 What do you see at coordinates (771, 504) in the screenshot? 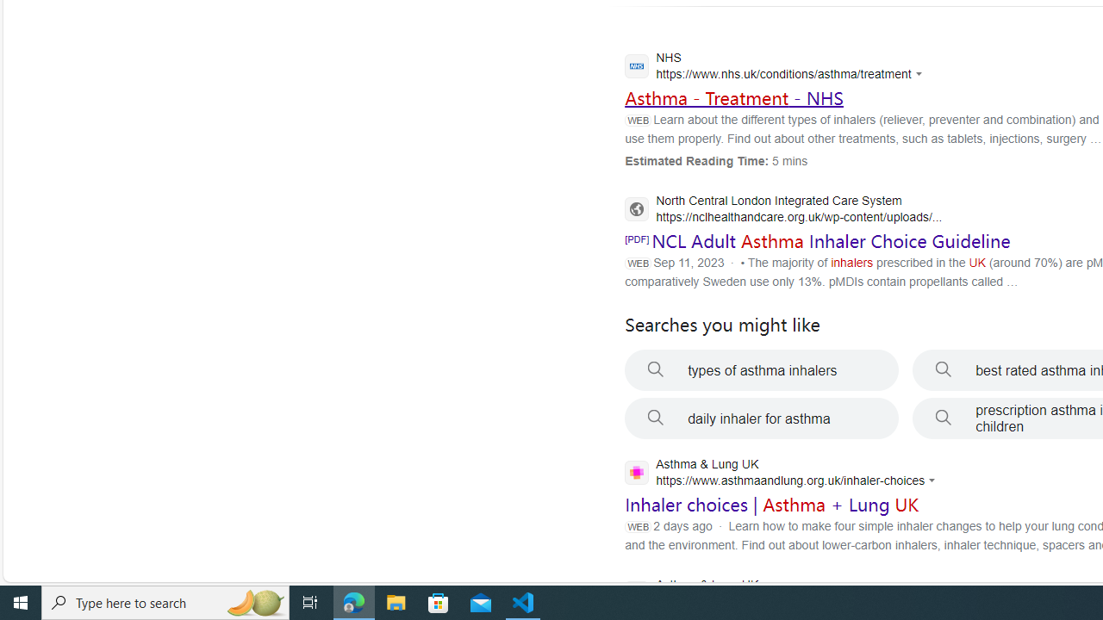
I see `'Inhaler choices | Asthma + Lung UK'` at bounding box center [771, 504].